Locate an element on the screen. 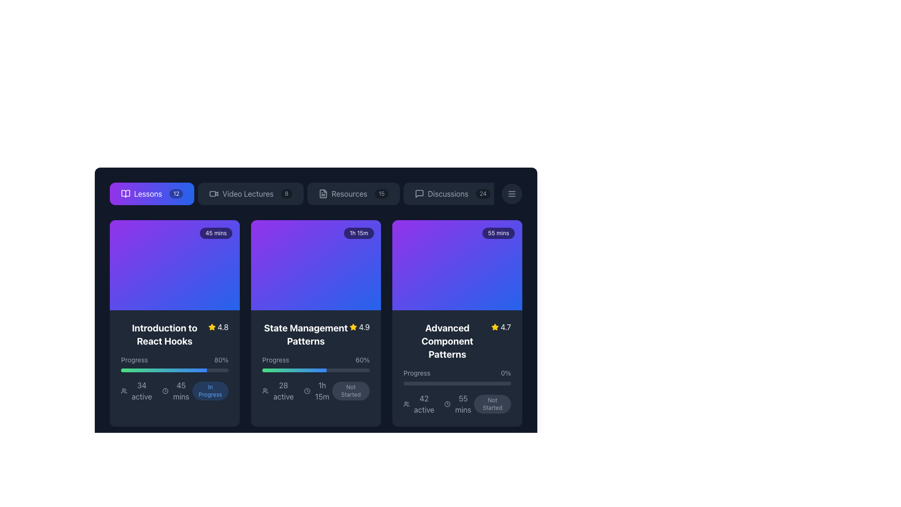 This screenshot has height=507, width=901. the 'Resources' button located in the horizontal menu bar, the third item from the left is located at coordinates (353, 193).